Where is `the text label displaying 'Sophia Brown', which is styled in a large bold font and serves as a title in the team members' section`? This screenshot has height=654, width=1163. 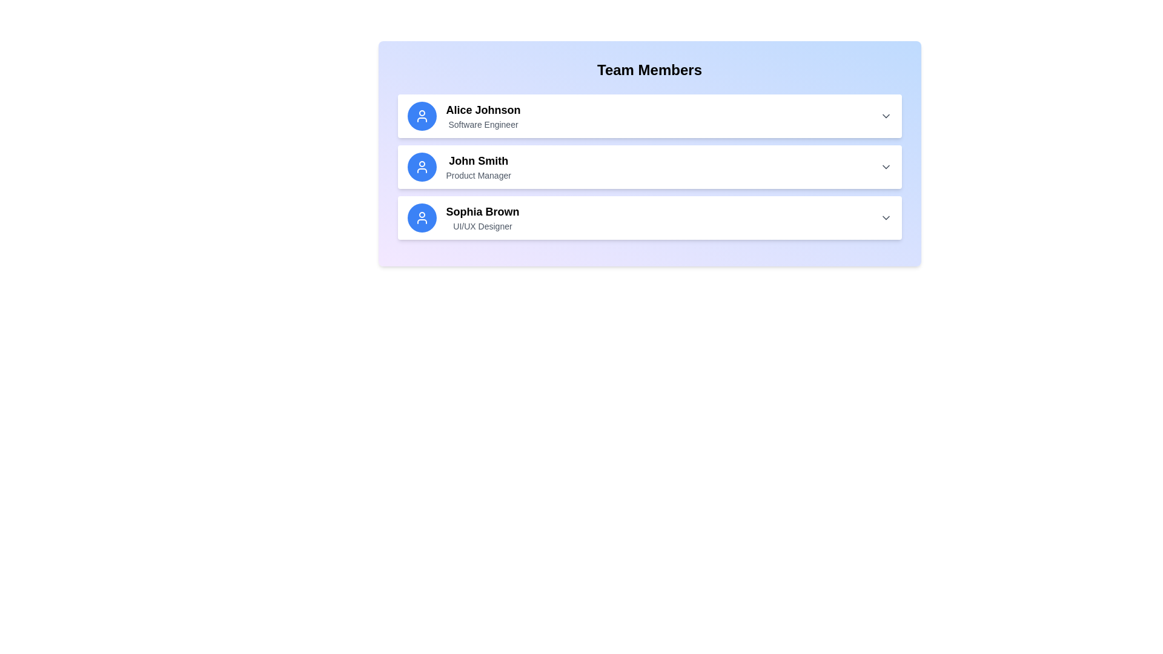
the text label displaying 'Sophia Brown', which is styled in a large bold font and serves as a title in the team members' section is located at coordinates (482, 211).